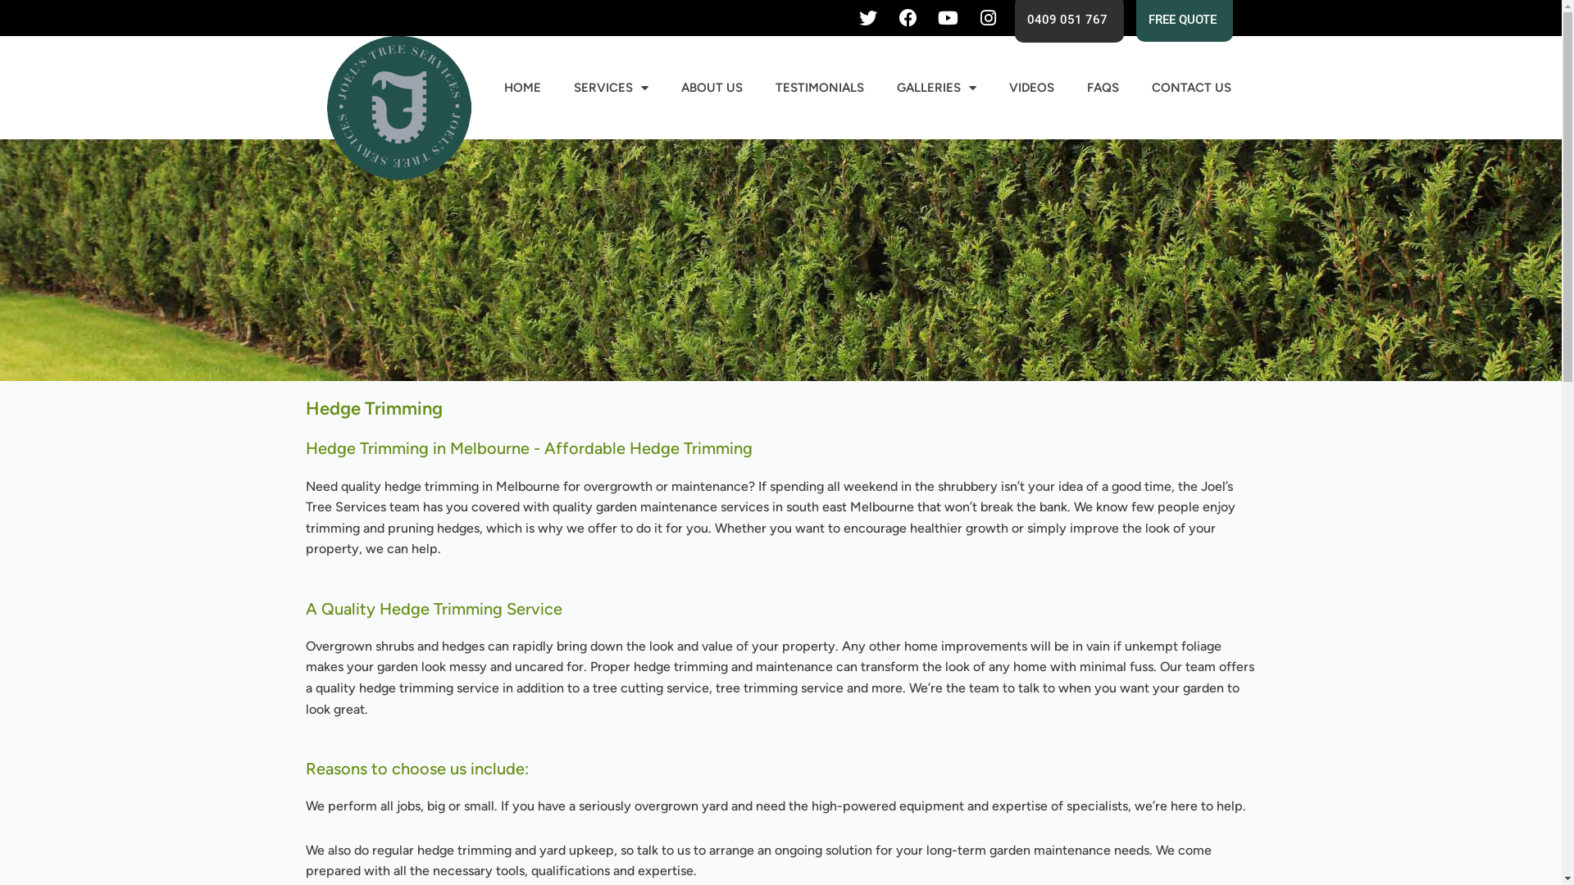  I want to click on 'TESTIMONIALS', so click(819, 88).